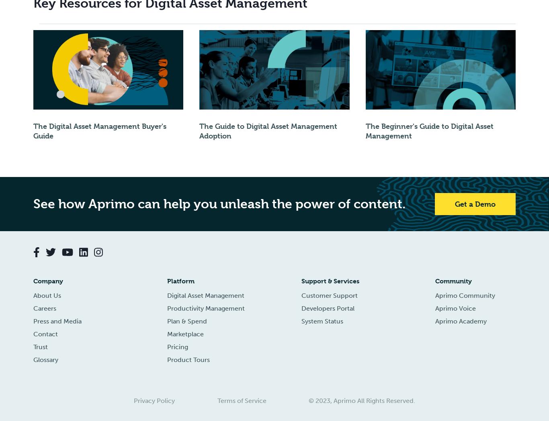 Image resolution: width=549 pixels, height=421 pixels. What do you see at coordinates (185, 334) in the screenshot?
I see `'Marketplace'` at bounding box center [185, 334].